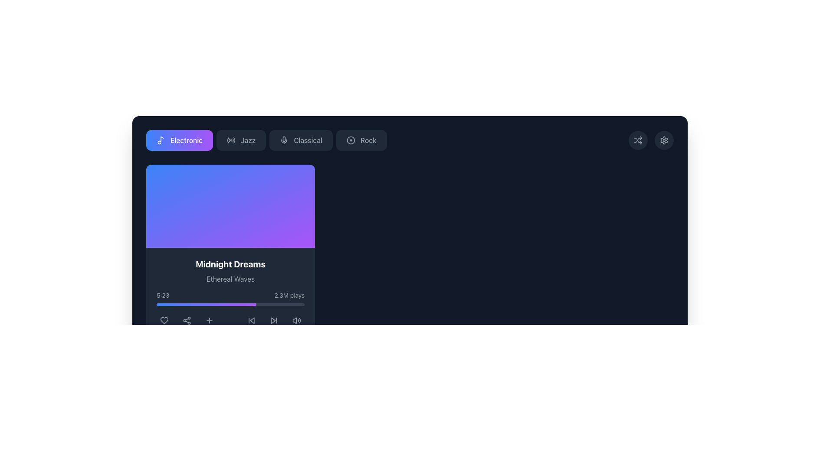  Describe the element at coordinates (284, 140) in the screenshot. I see `the microphone icon located in the third button of the horizontally aligned menu bar, which is to the left of the 'Classical' label` at that location.